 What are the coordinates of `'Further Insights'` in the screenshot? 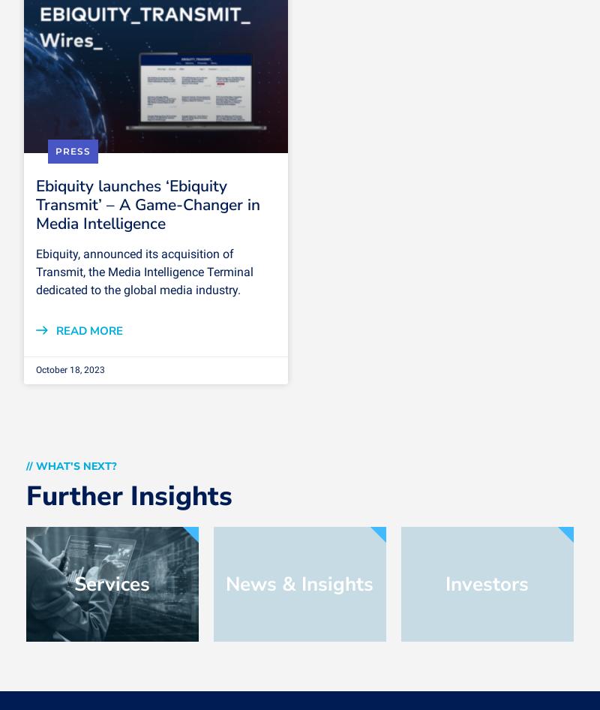 It's located at (25, 495).